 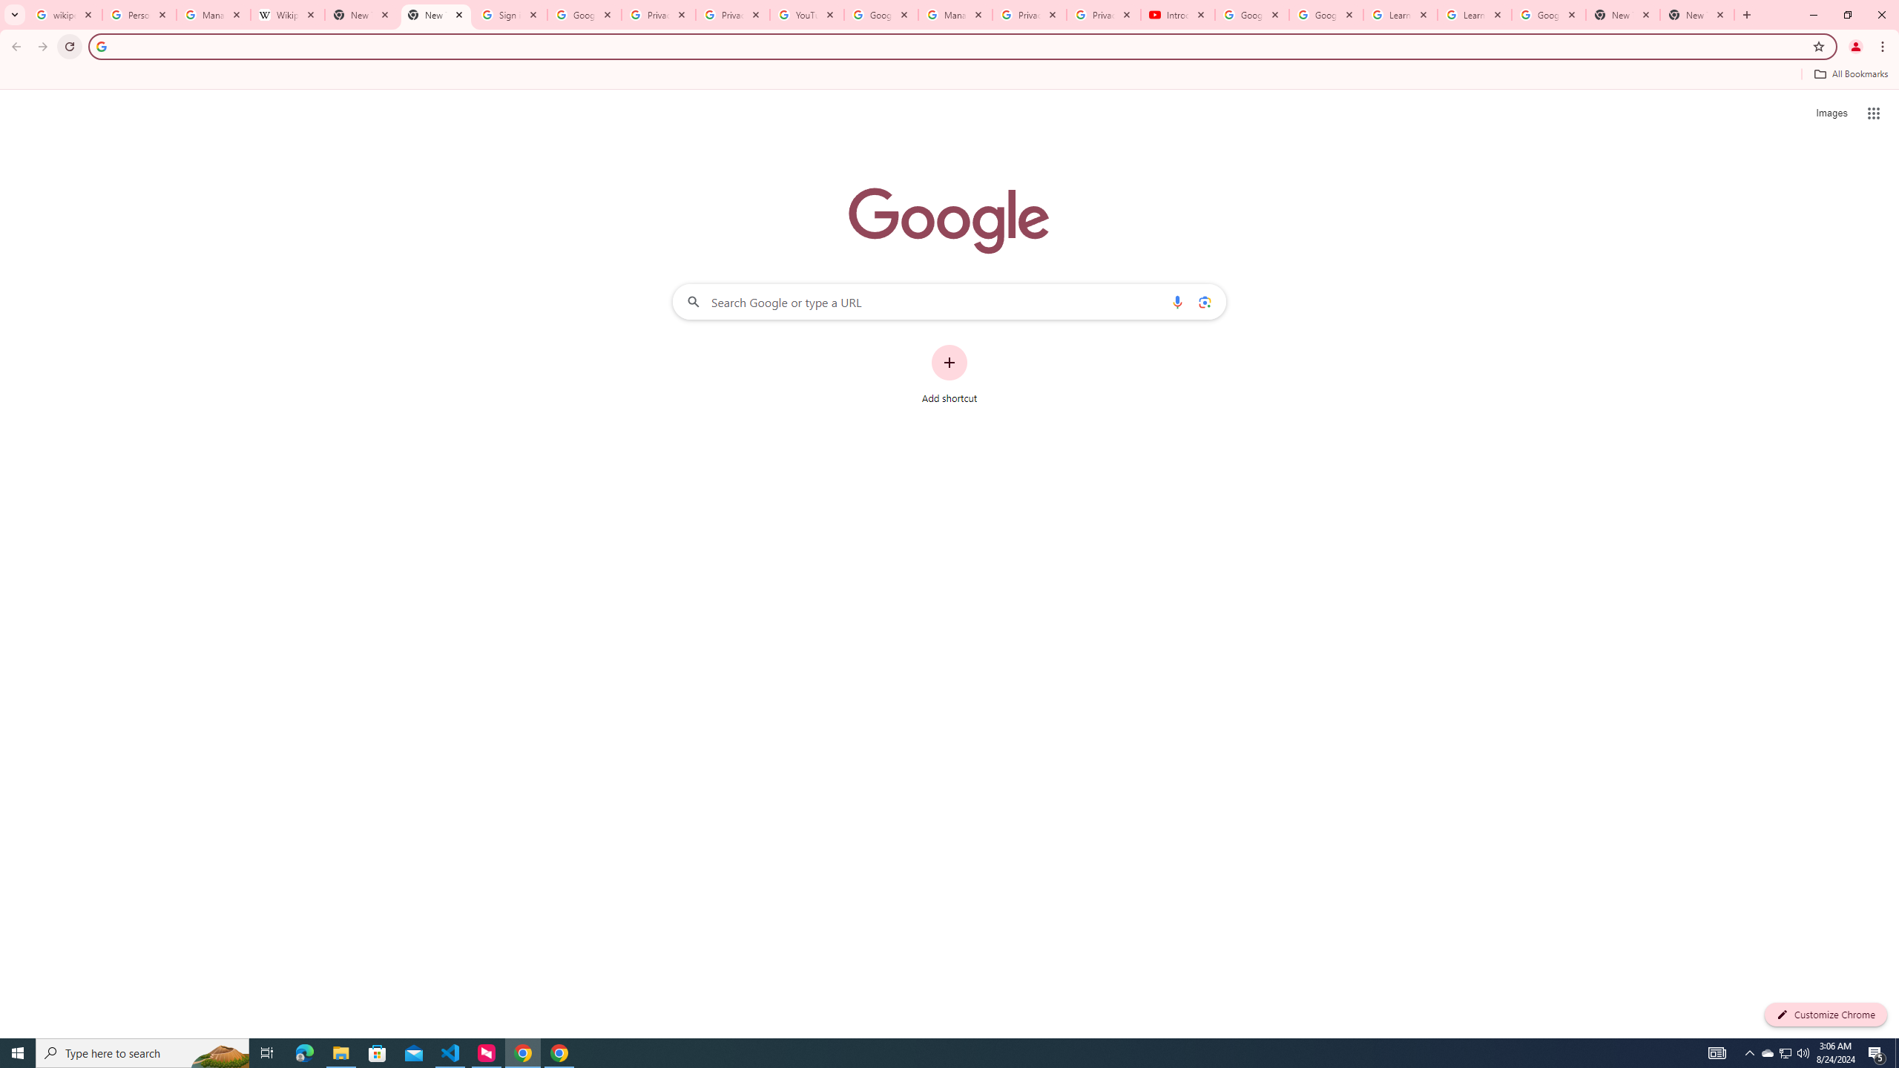 I want to click on 'Manage your Location History - Google Search Help', so click(x=214, y=14).